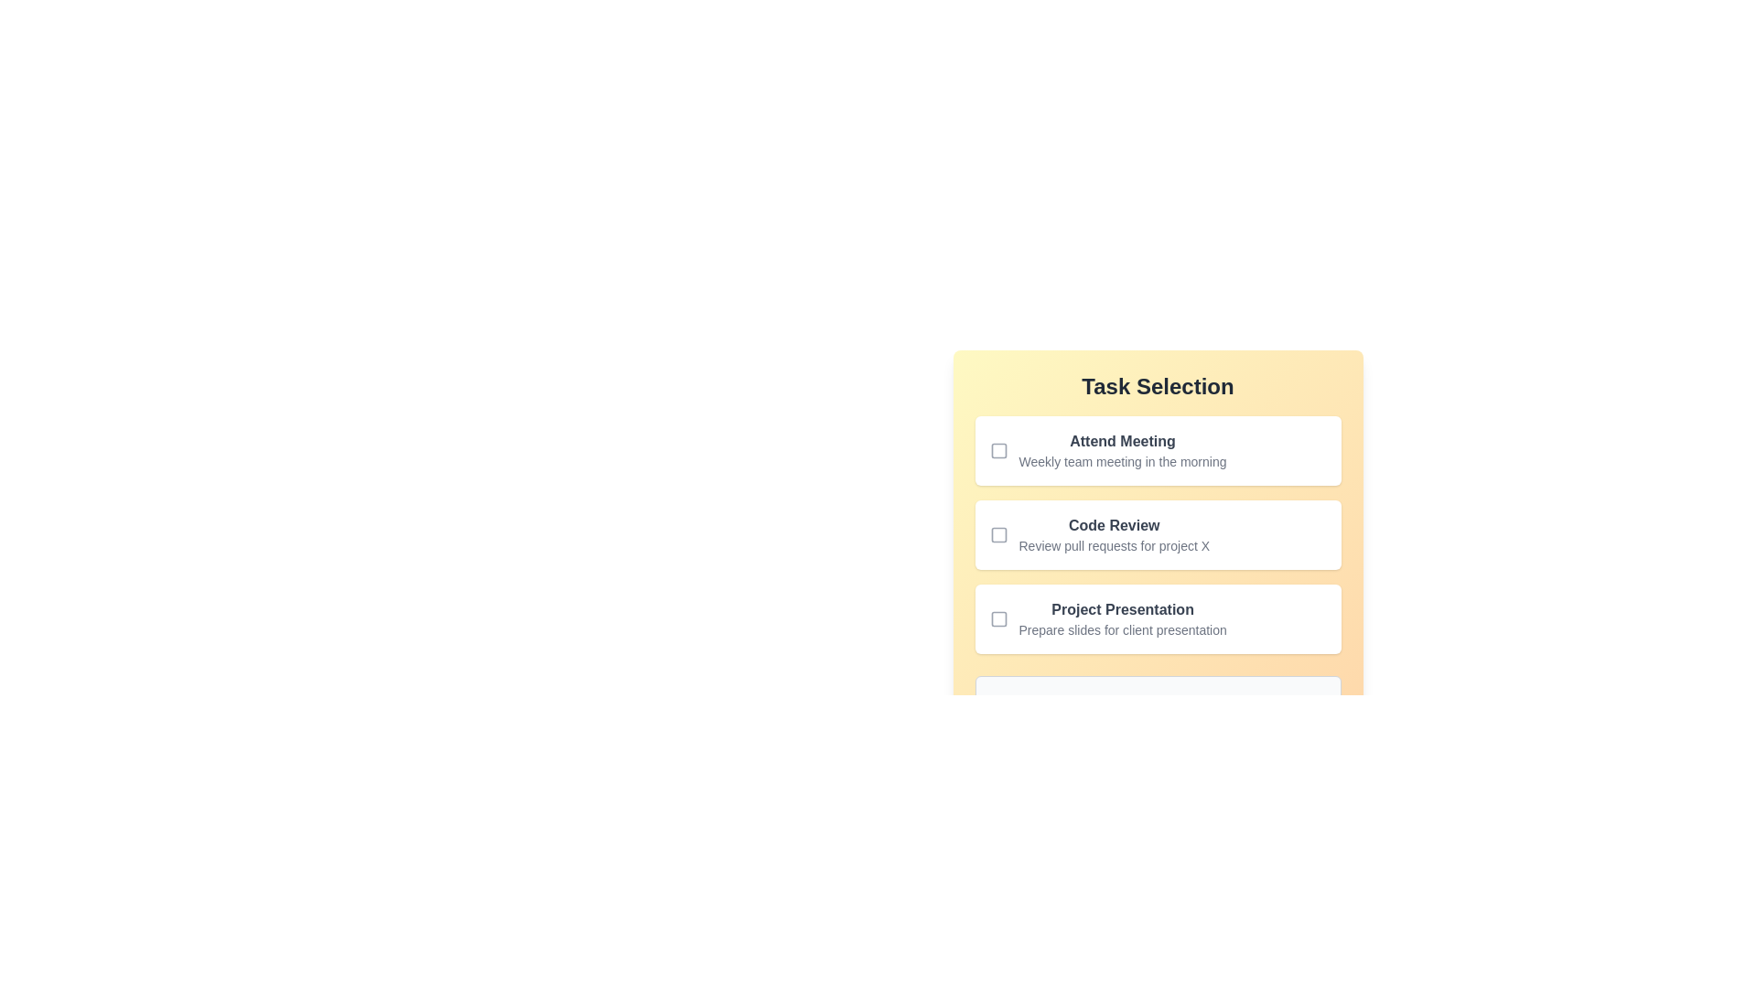 The height and width of the screenshot is (988, 1757). Describe the element at coordinates (1107, 618) in the screenshot. I see `the interactive checkbox list item featuring the checkbox and text 'Project Presentation'` at that location.